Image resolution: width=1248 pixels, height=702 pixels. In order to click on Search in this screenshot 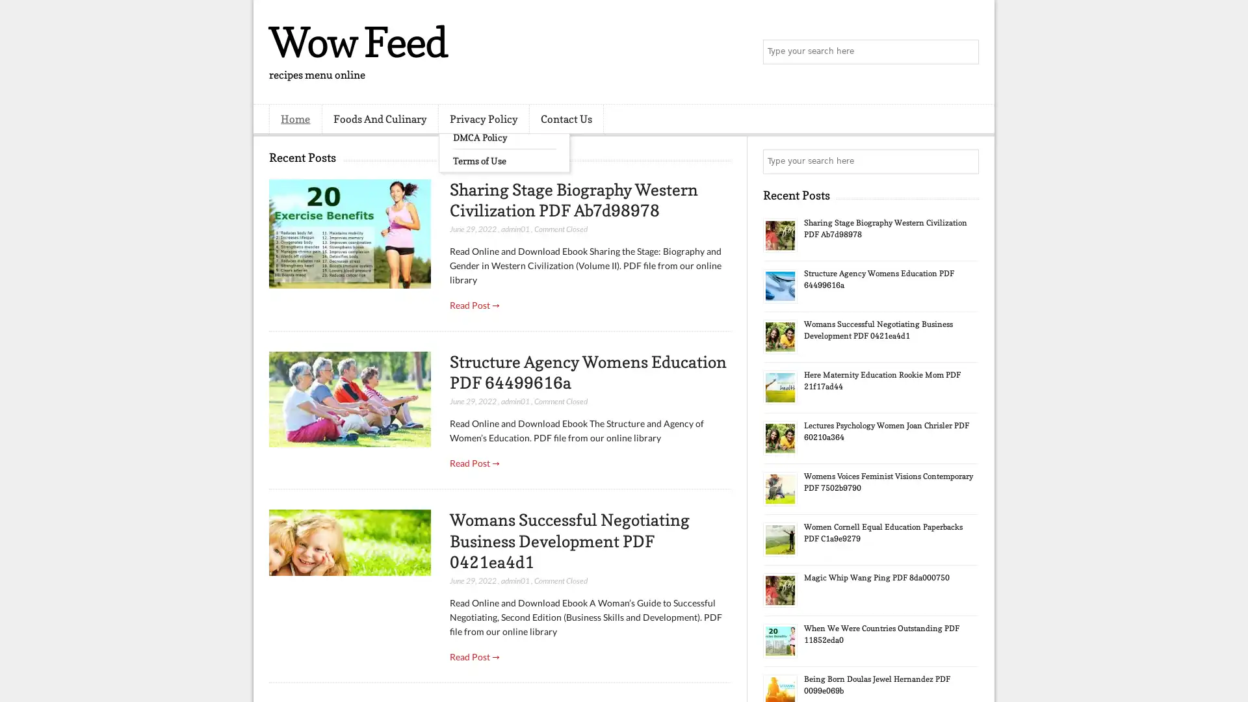, I will do `click(965, 161)`.